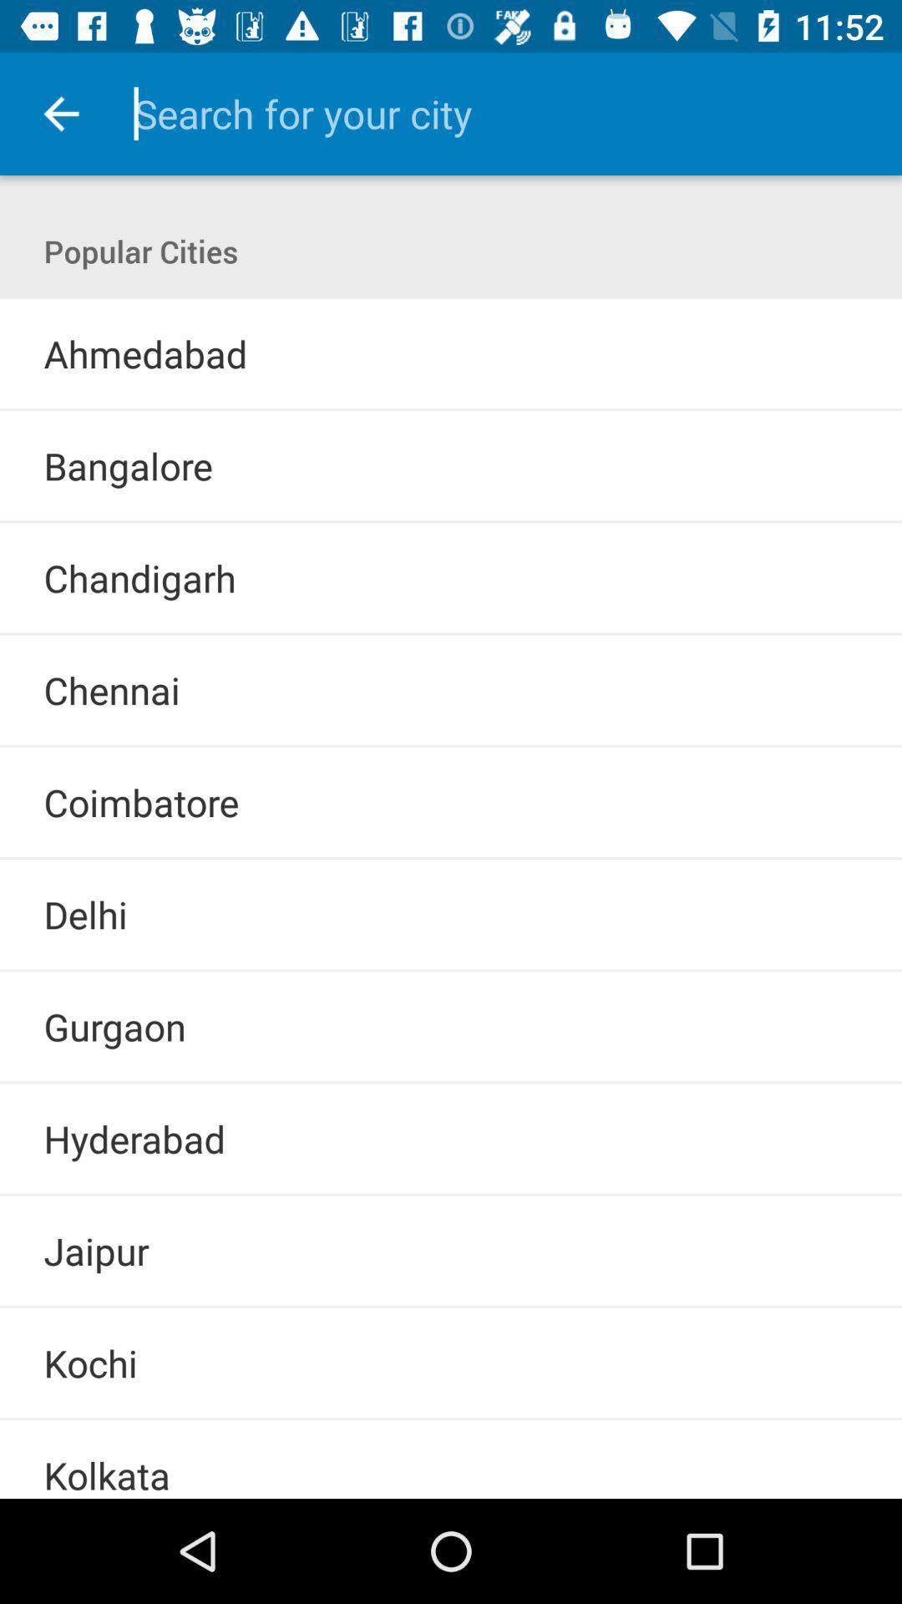 The height and width of the screenshot is (1604, 902). What do you see at coordinates (494, 113) in the screenshot?
I see `search for your city` at bounding box center [494, 113].